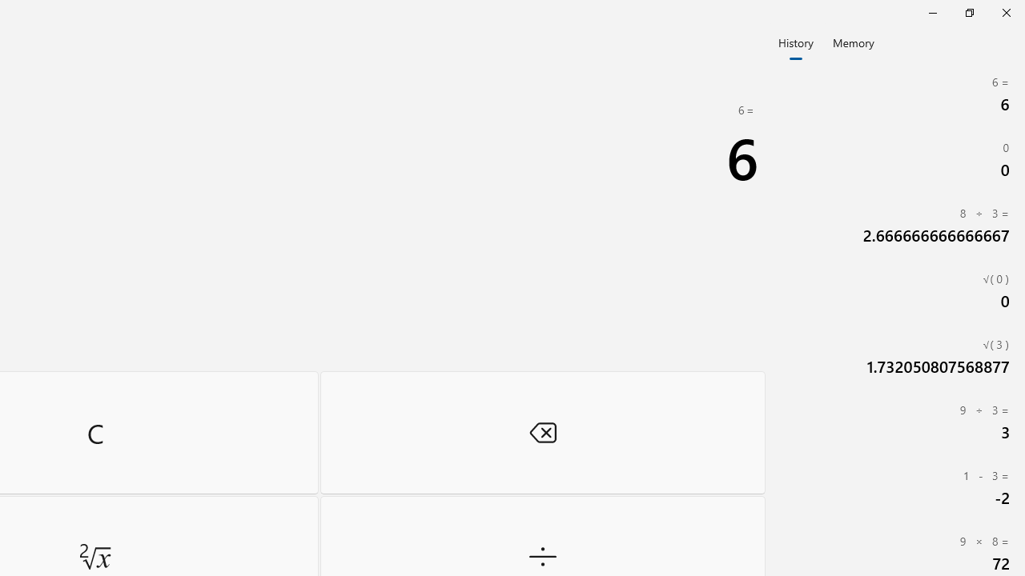 The width and height of the screenshot is (1025, 576). What do you see at coordinates (897, 486) in the screenshot?
I see `'1 Minus ( 3= Minus (2'` at bounding box center [897, 486].